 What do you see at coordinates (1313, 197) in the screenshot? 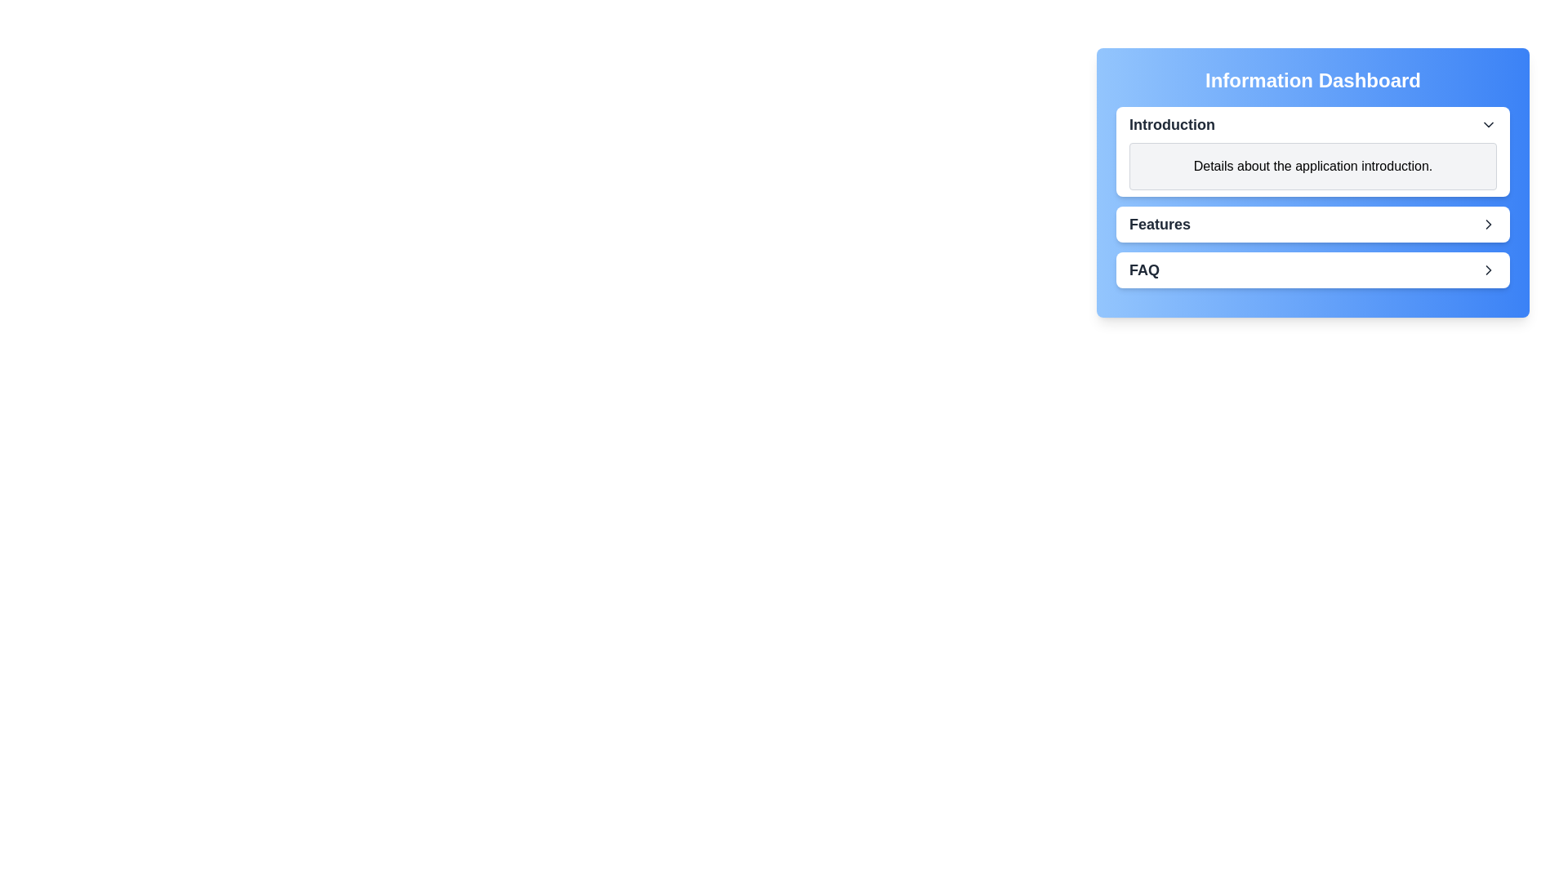
I see `the static text content element that provides an introductory description about the application, located in the center of the card module under the title 'Introduction'` at bounding box center [1313, 197].